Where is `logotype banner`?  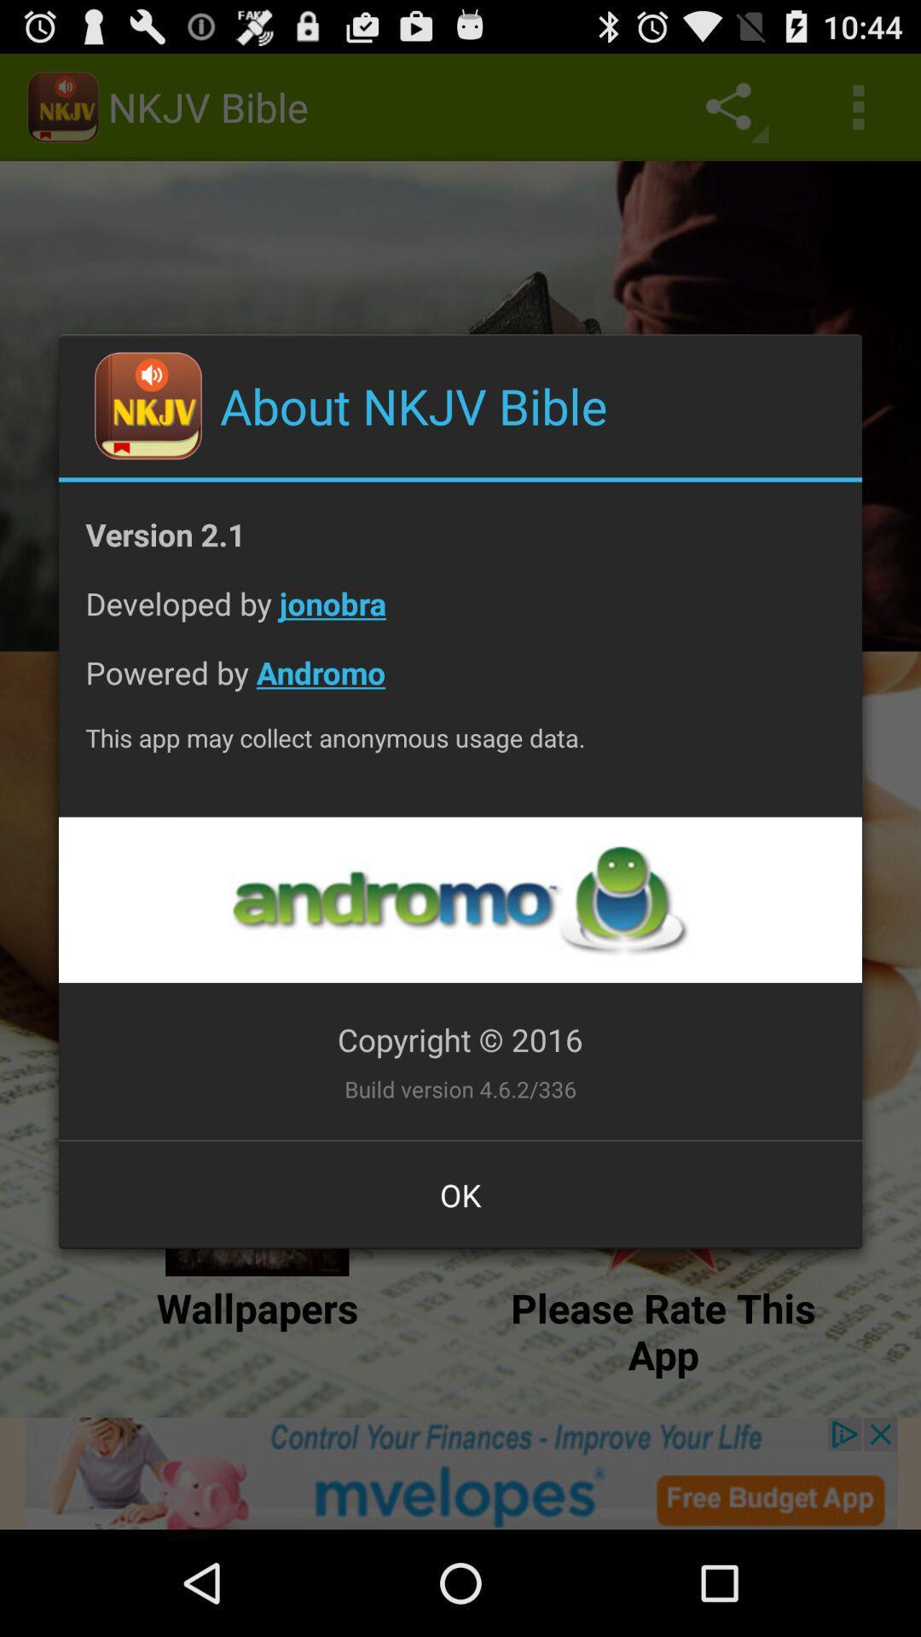 logotype banner is located at coordinates (459, 899).